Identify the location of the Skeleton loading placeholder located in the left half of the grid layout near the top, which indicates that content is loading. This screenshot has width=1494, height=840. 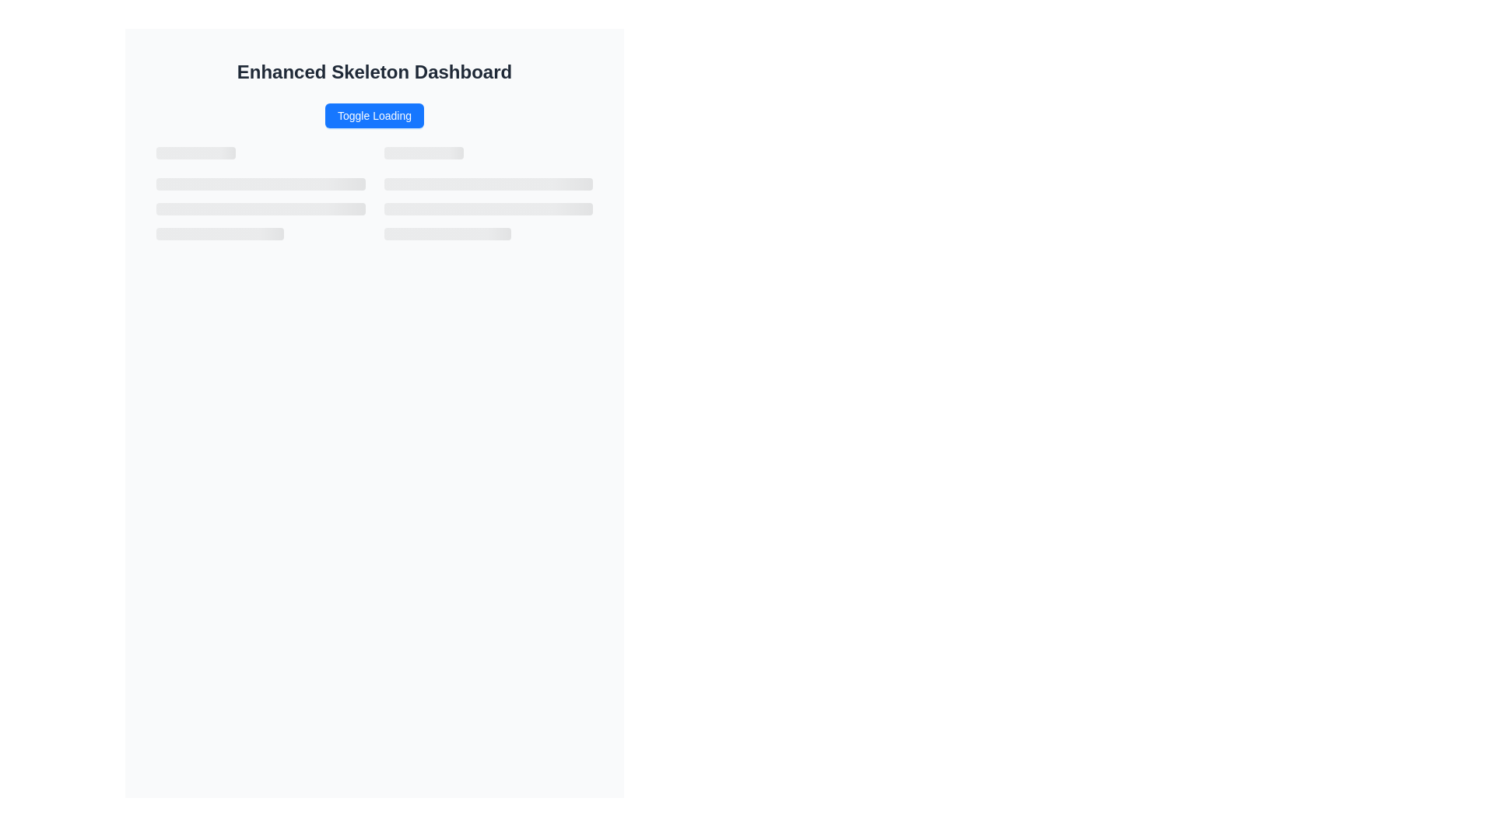
(261, 193).